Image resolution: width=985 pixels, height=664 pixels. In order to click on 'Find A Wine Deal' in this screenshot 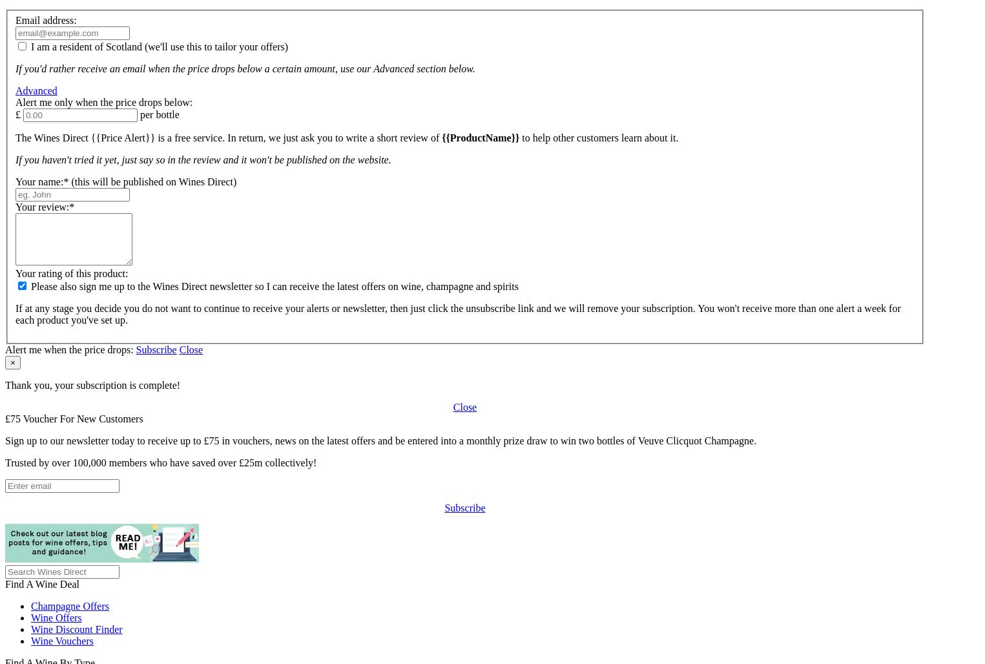, I will do `click(4, 583)`.